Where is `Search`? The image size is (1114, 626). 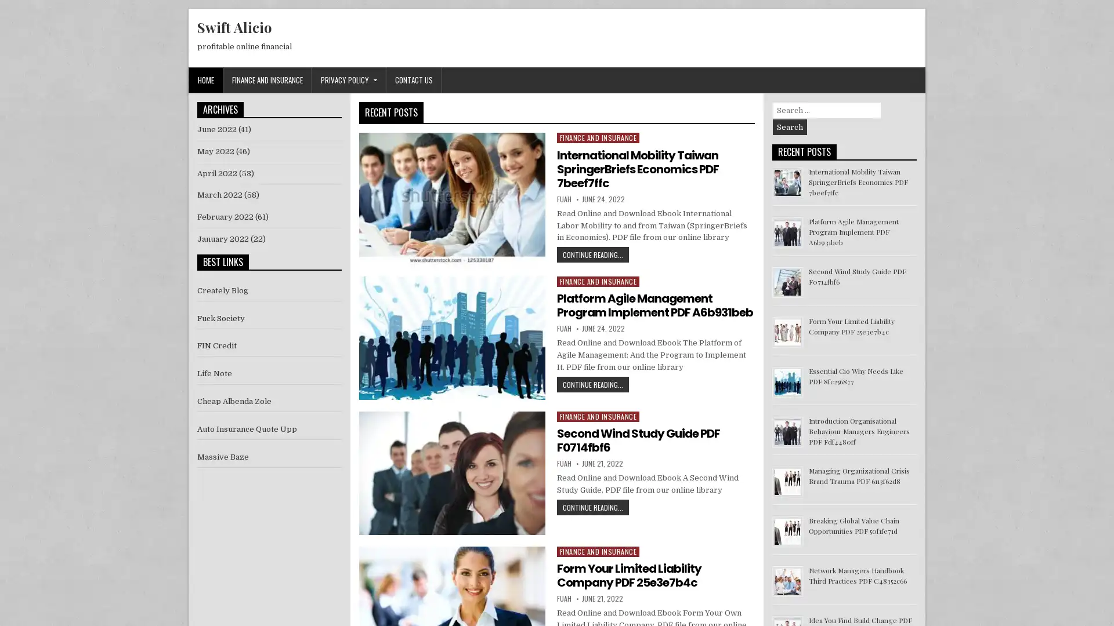
Search is located at coordinates (789, 127).